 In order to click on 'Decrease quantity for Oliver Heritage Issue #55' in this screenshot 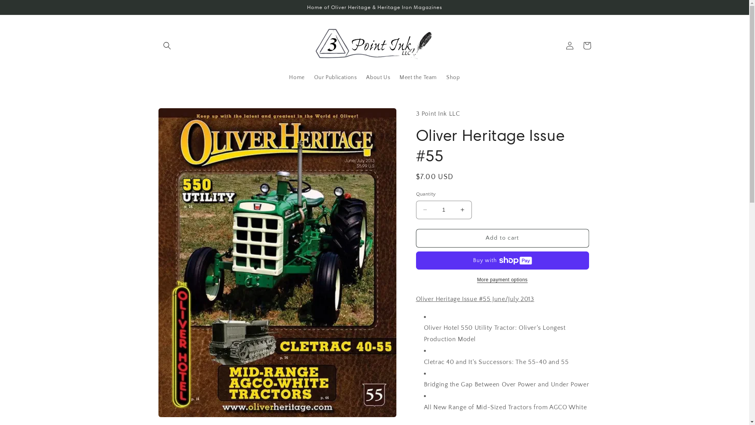, I will do `click(424, 209)`.